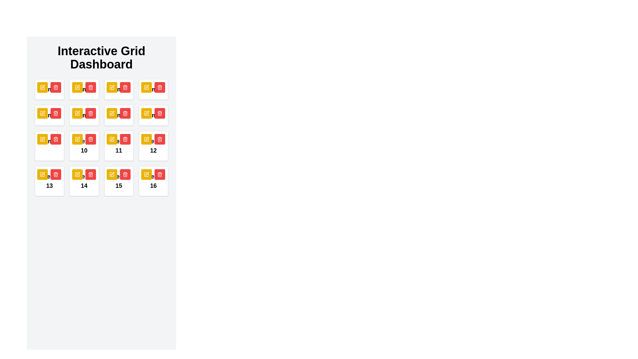 This screenshot has width=638, height=359. I want to click on the yellow button on the item card labeled 'Item 12' located in the fourth column of the third row of the grid, so click(153, 146).